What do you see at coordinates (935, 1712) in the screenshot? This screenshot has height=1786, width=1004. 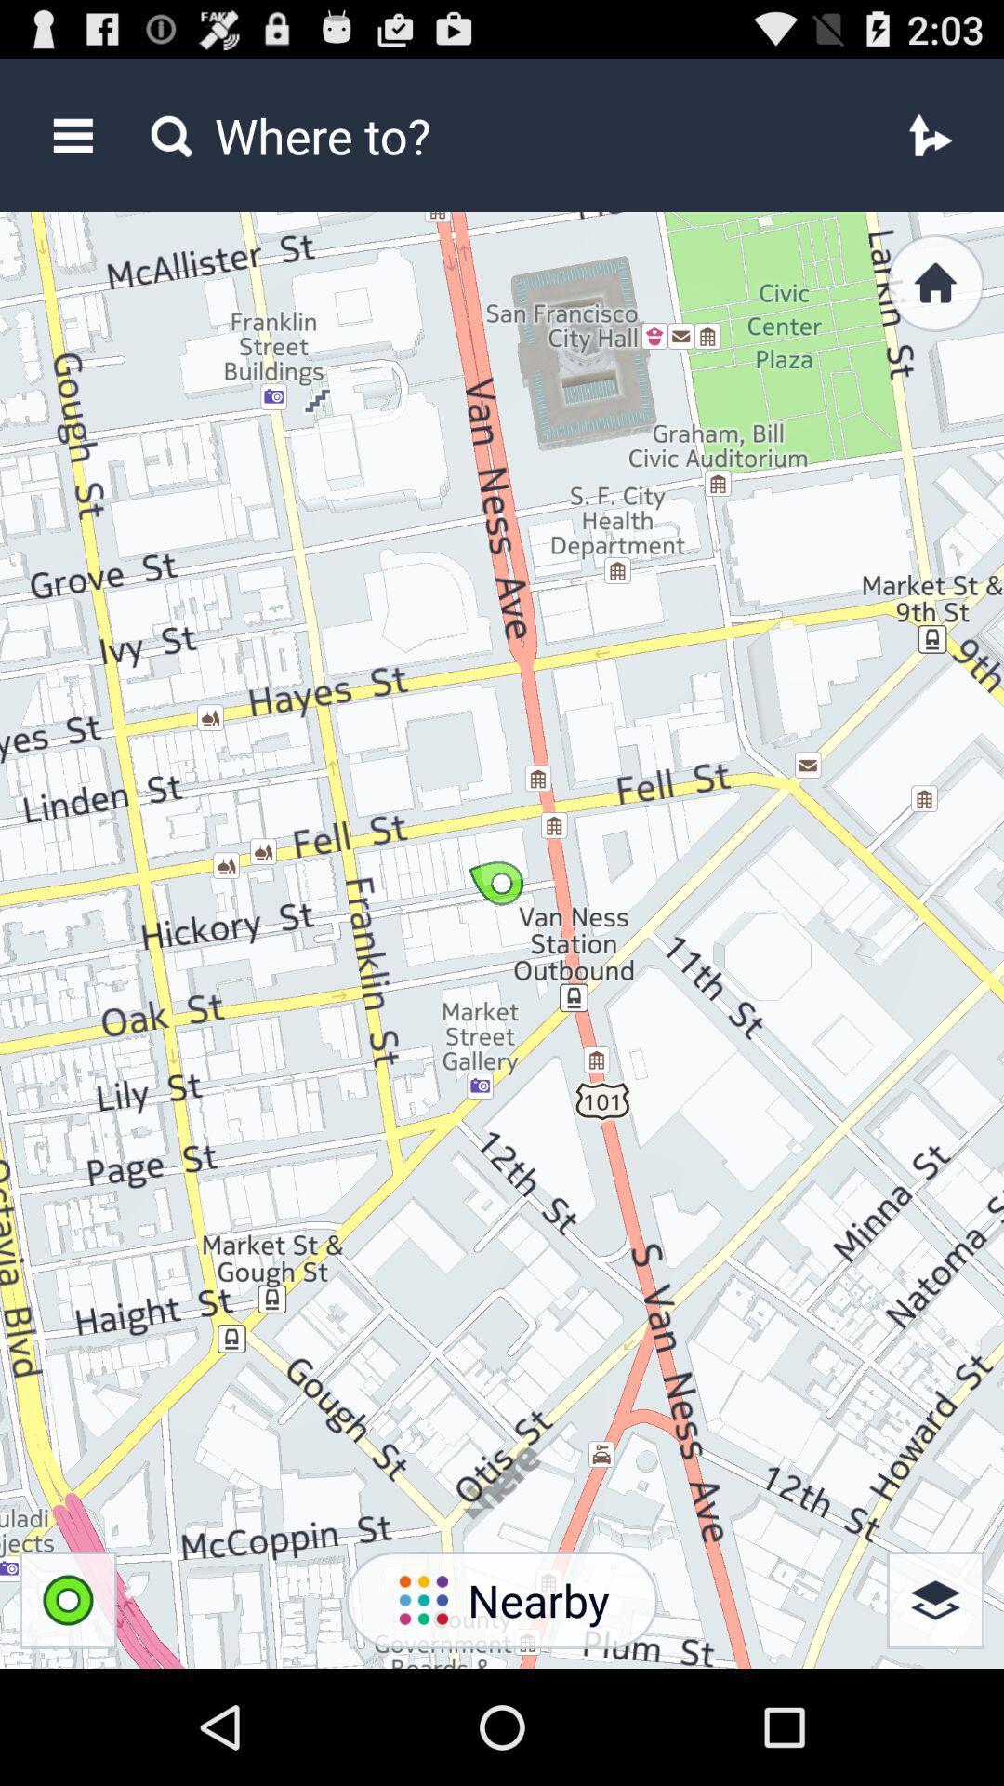 I see `the layers icon` at bounding box center [935, 1712].